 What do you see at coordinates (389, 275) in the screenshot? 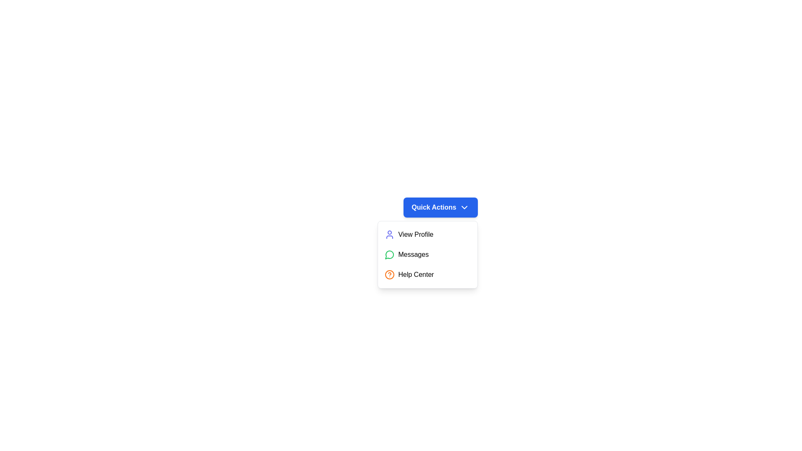
I see `the icon next to the dropdown item labeled 'Help Center'` at bounding box center [389, 275].